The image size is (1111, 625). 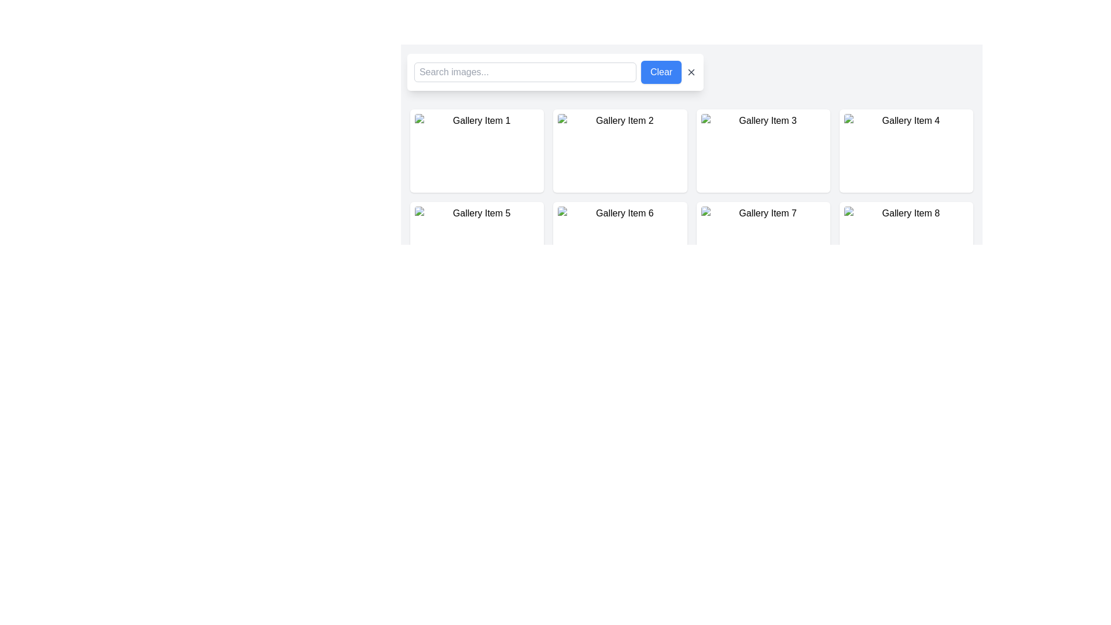 What do you see at coordinates (906, 150) in the screenshot?
I see `the gallery item labeled 'Gallery Item 4'` at bounding box center [906, 150].